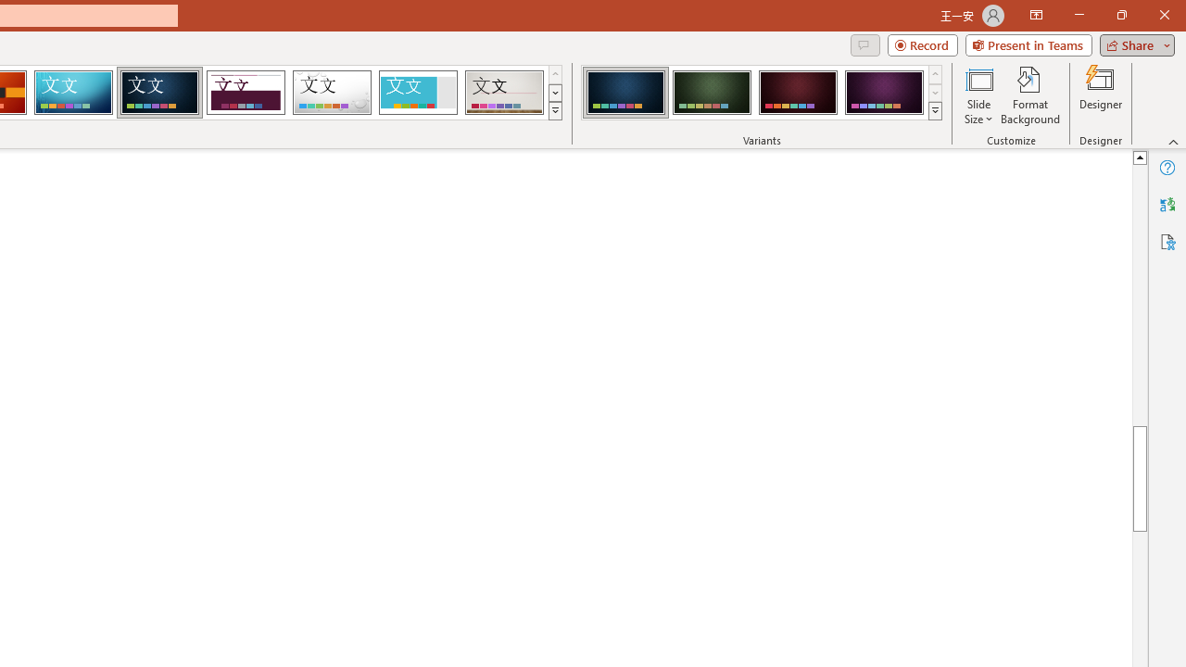 This screenshot has height=667, width=1186. I want to click on 'Damask Variant 3', so click(798, 93).